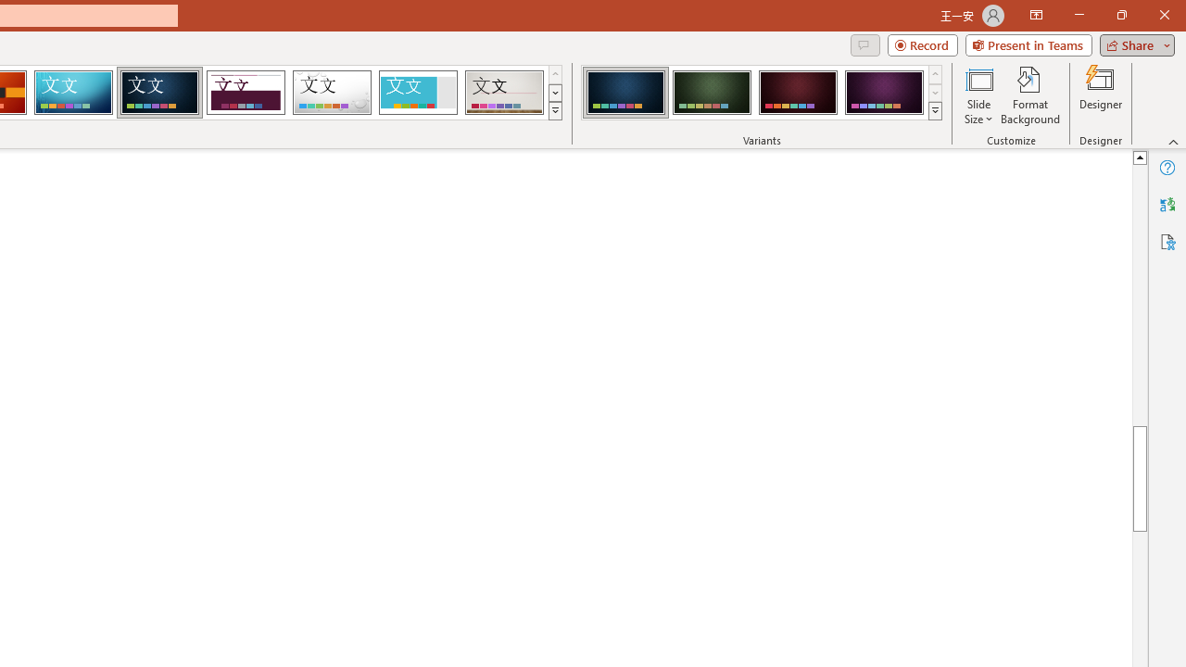 This screenshot has height=667, width=1186. I want to click on 'Damask Variant 3', so click(798, 93).